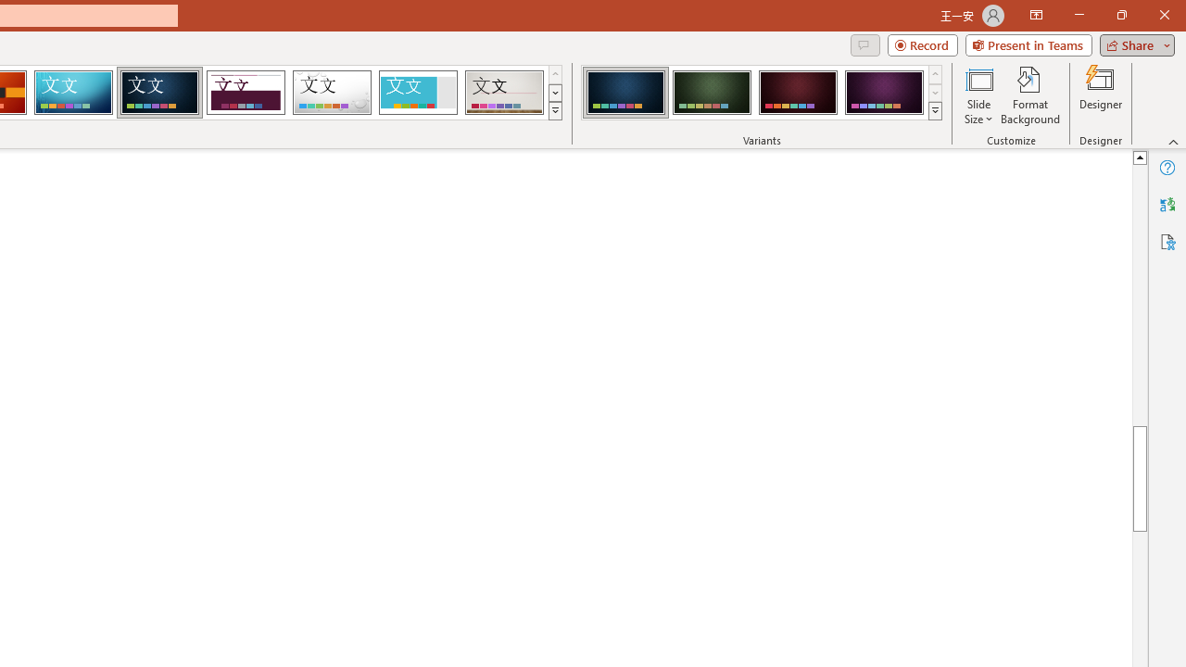 This screenshot has height=667, width=1186. I want to click on 'Damask Variant 3', so click(798, 93).